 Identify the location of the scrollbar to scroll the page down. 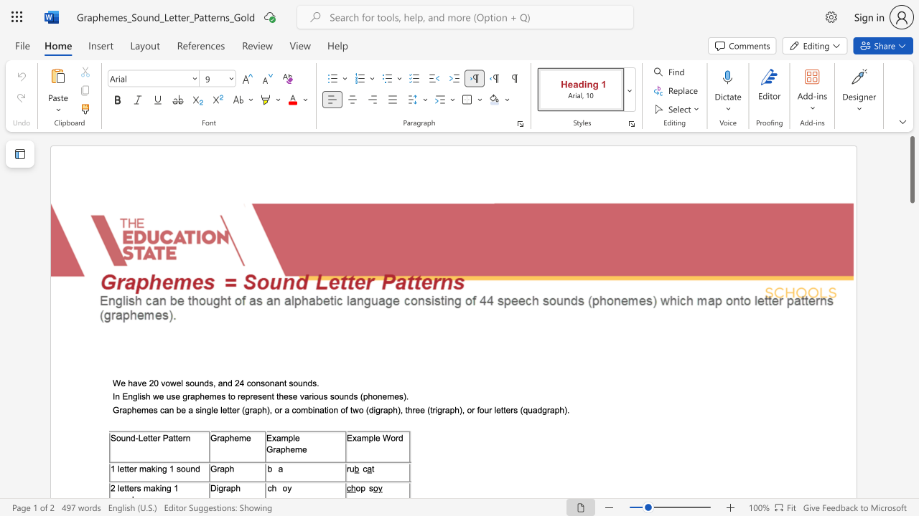
(911, 228).